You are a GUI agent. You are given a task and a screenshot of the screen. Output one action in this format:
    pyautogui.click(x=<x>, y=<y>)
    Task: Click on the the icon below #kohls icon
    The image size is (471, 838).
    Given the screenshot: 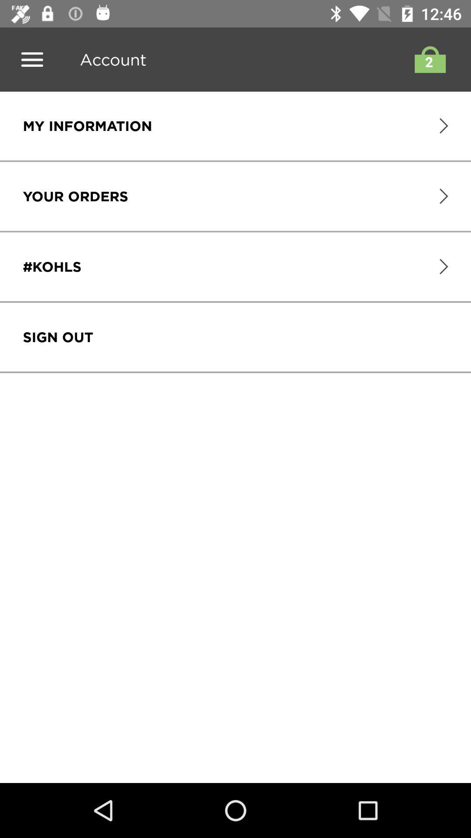 What is the action you would take?
    pyautogui.click(x=58, y=337)
    